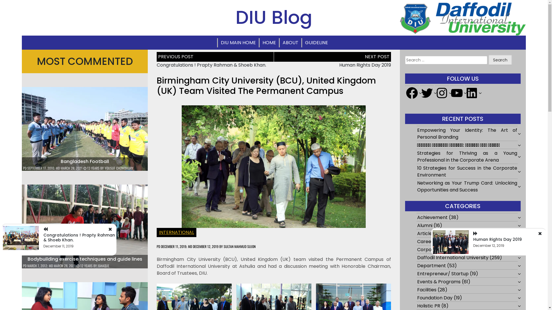 This screenshot has width=552, height=310. Describe the element at coordinates (302, 42) in the screenshot. I see `'GUIDELINE'` at that location.